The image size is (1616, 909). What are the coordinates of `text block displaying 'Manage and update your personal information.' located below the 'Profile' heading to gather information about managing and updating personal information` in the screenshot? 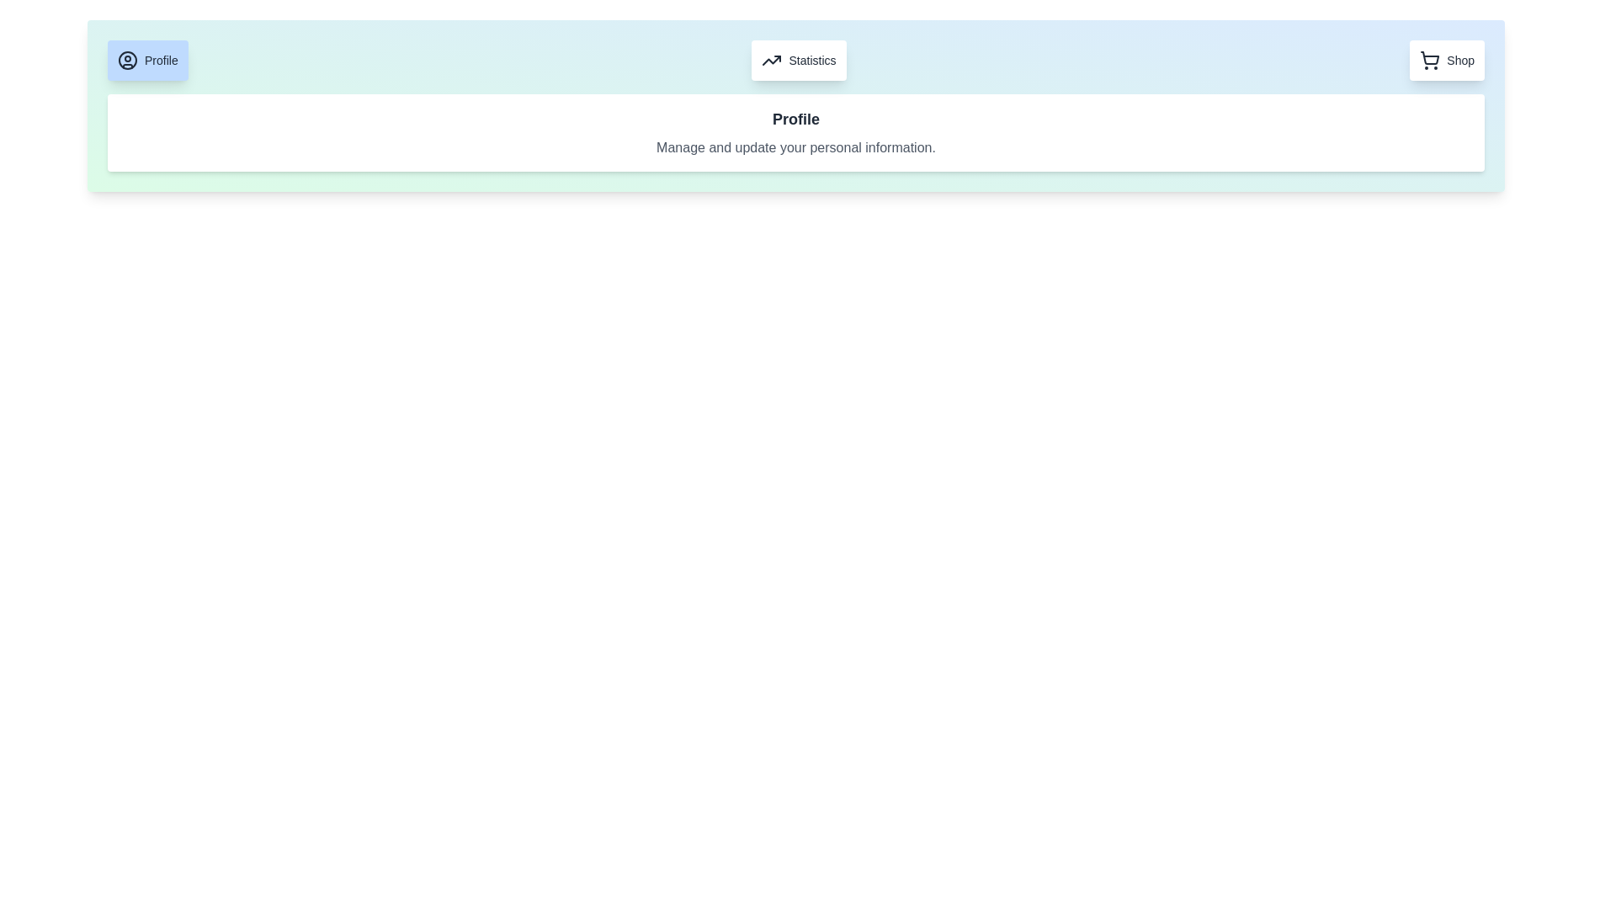 It's located at (795, 147).